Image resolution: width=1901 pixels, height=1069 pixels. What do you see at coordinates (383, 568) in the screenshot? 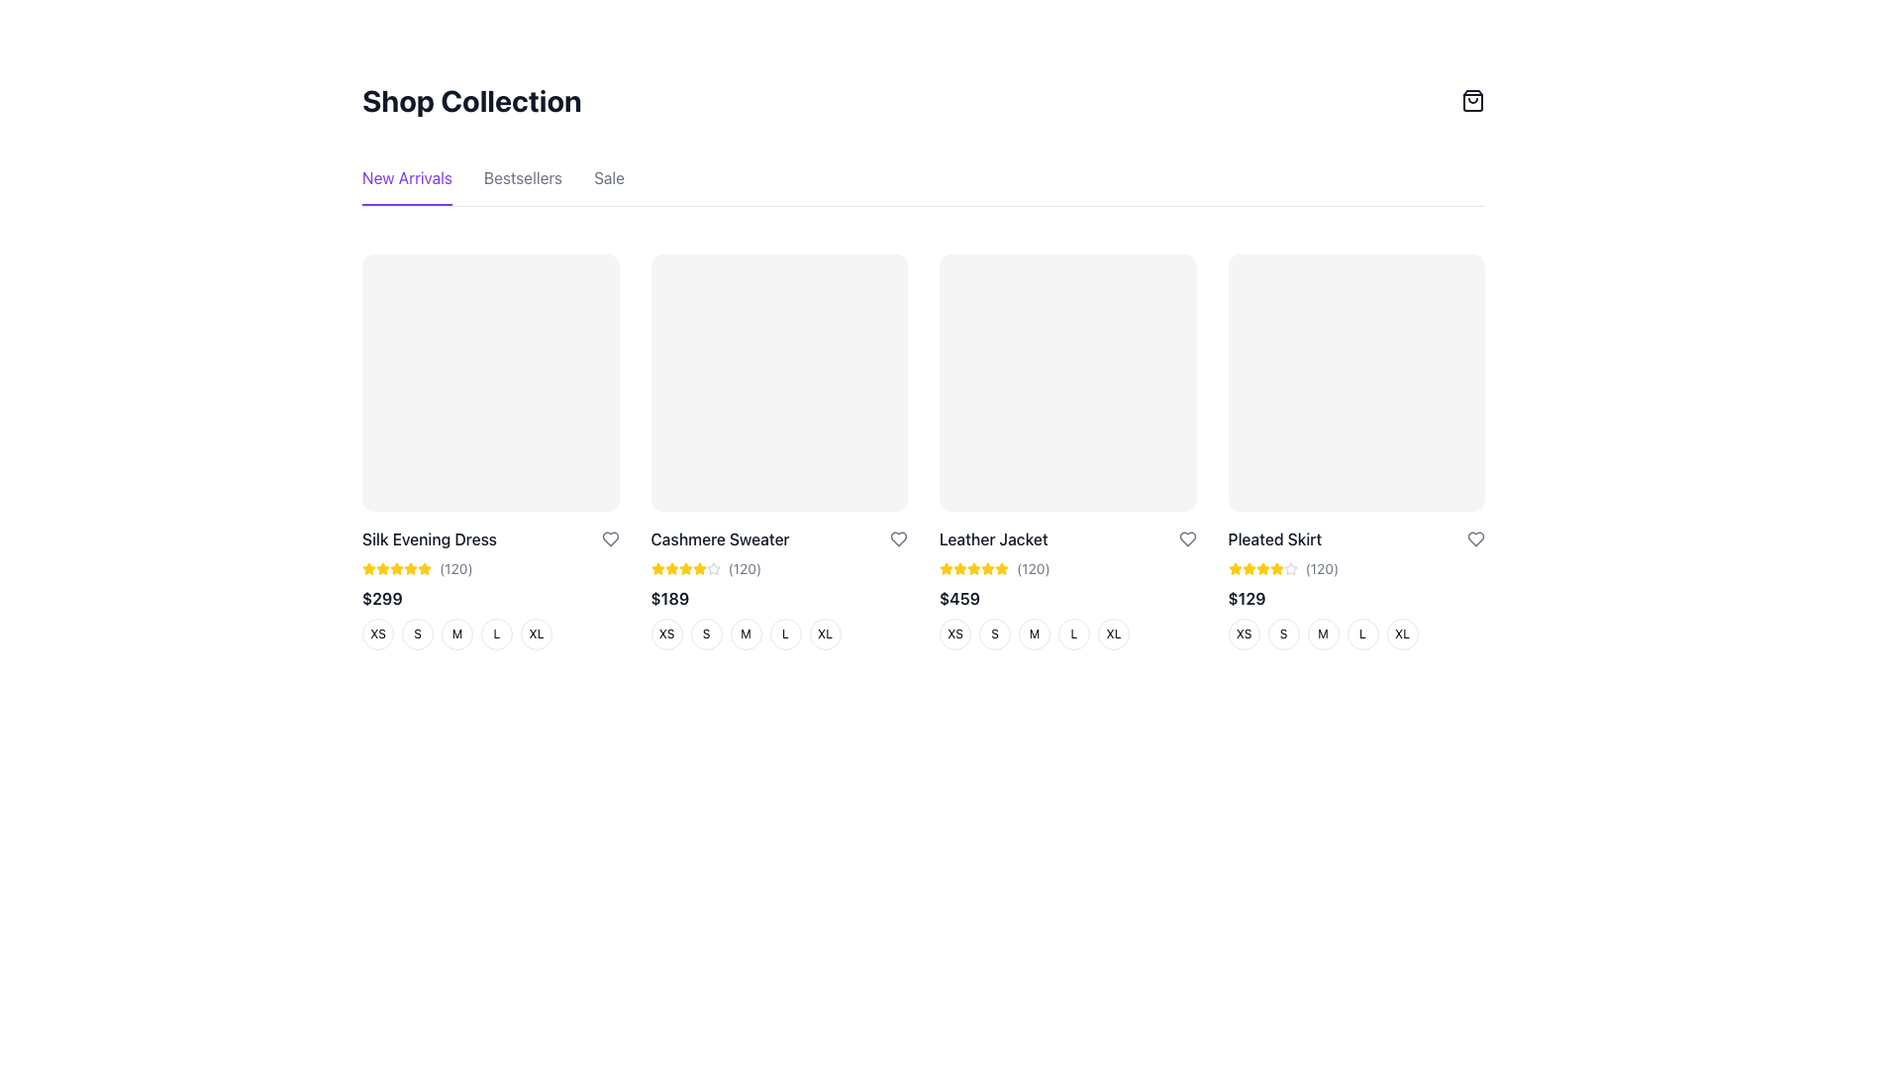
I see `the third yellow star icon in the rating system below the 'Silk Evening Dress' product display` at bounding box center [383, 568].